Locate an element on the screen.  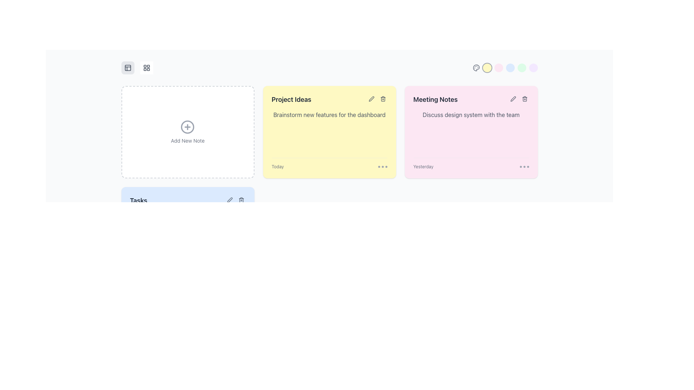
the 'Tasks' card which is the fourth card from the left in the third row of a three-column grid layout, styled with a light blue background and rounded corners, to interact with its content is located at coordinates (188, 233).